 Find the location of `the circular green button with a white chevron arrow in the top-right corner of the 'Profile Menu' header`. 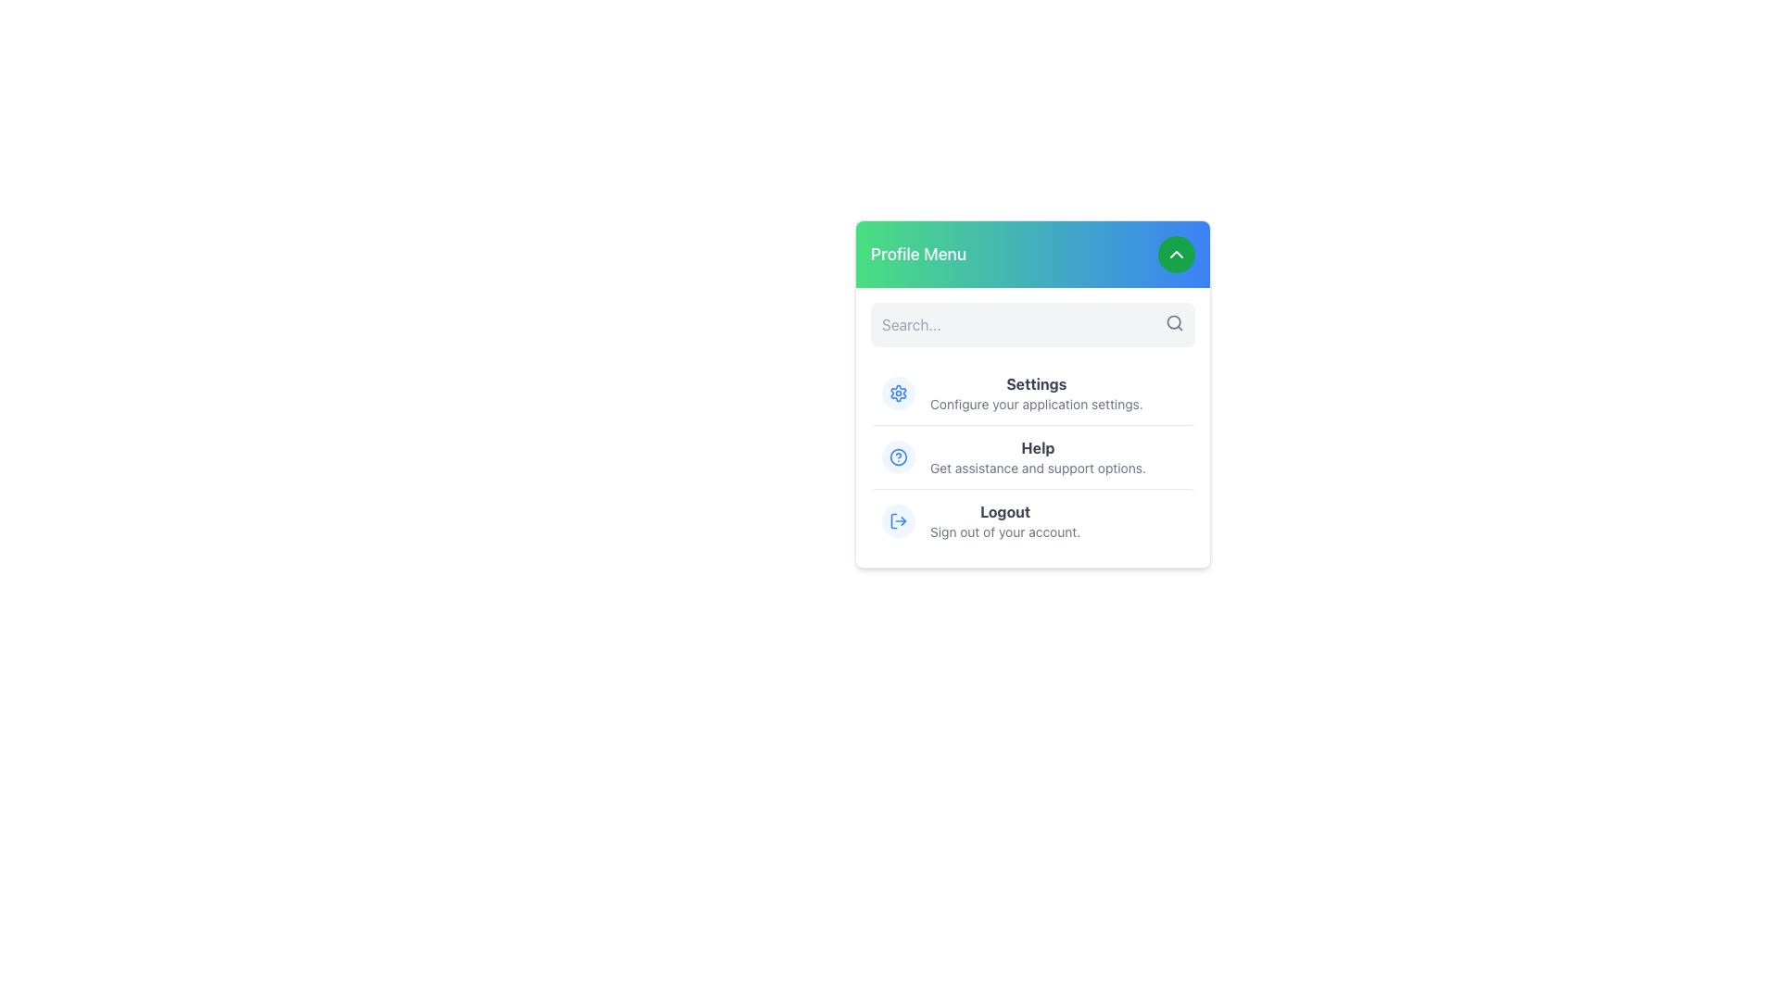

the circular green button with a white chevron arrow in the top-right corner of the 'Profile Menu' header is located at coordinates (1176, 254).